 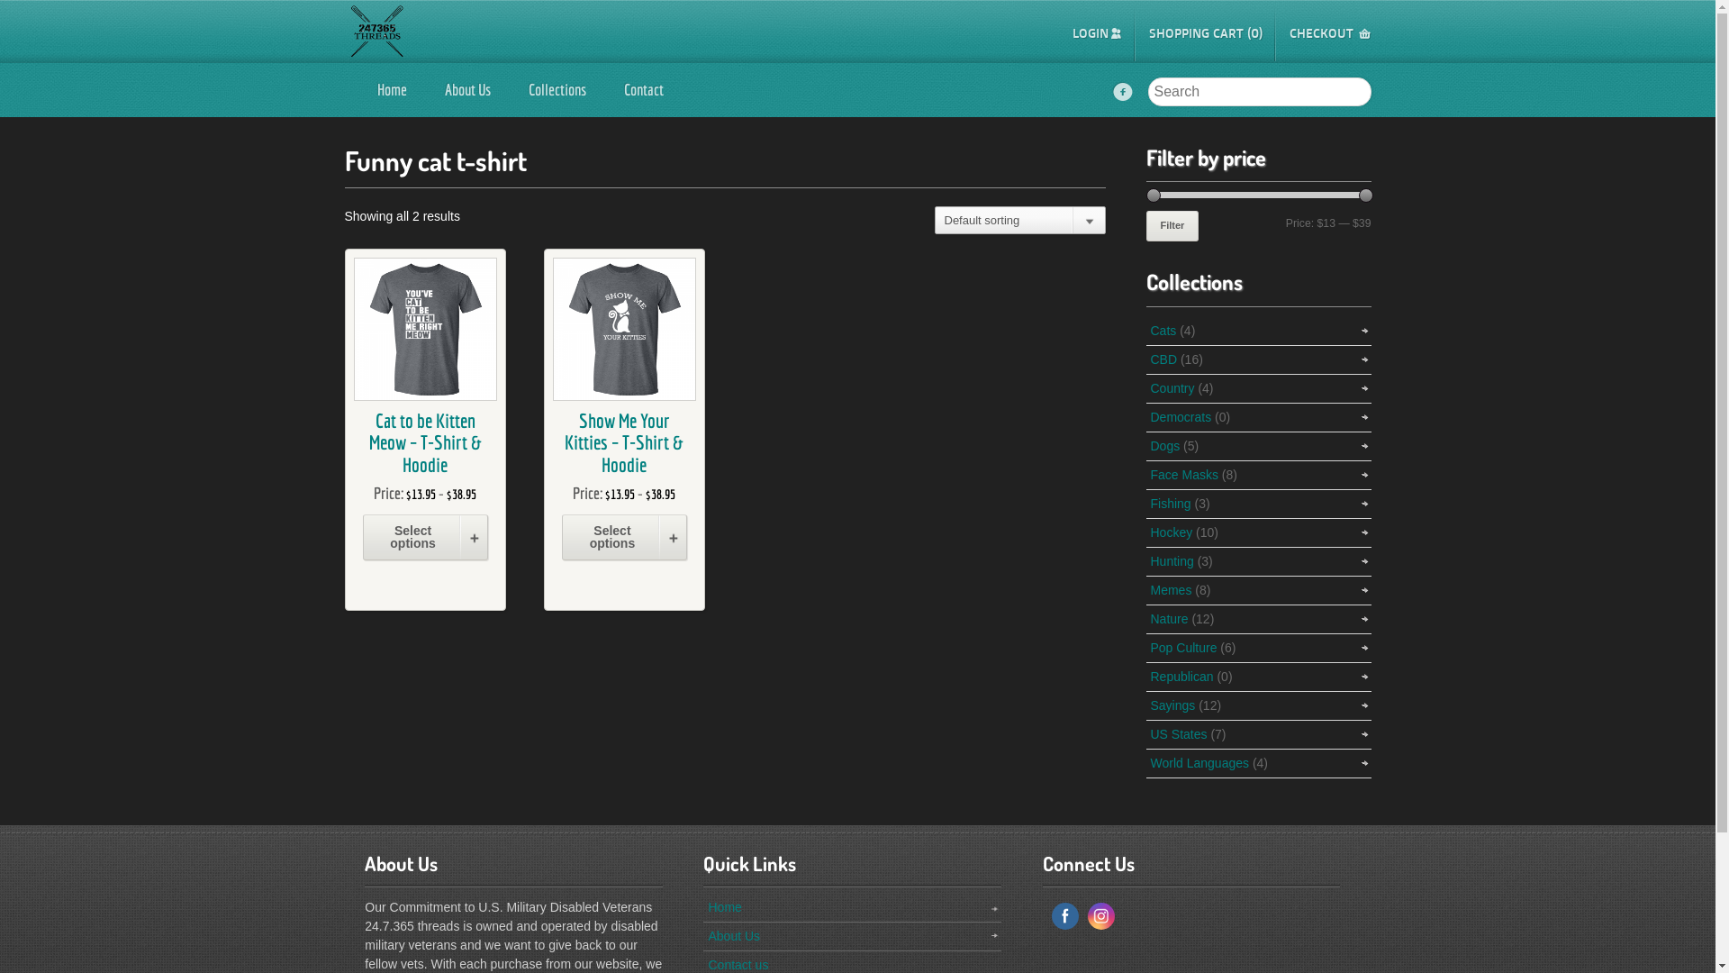 I want to click on 'US States', so click(x=1149, y=733).